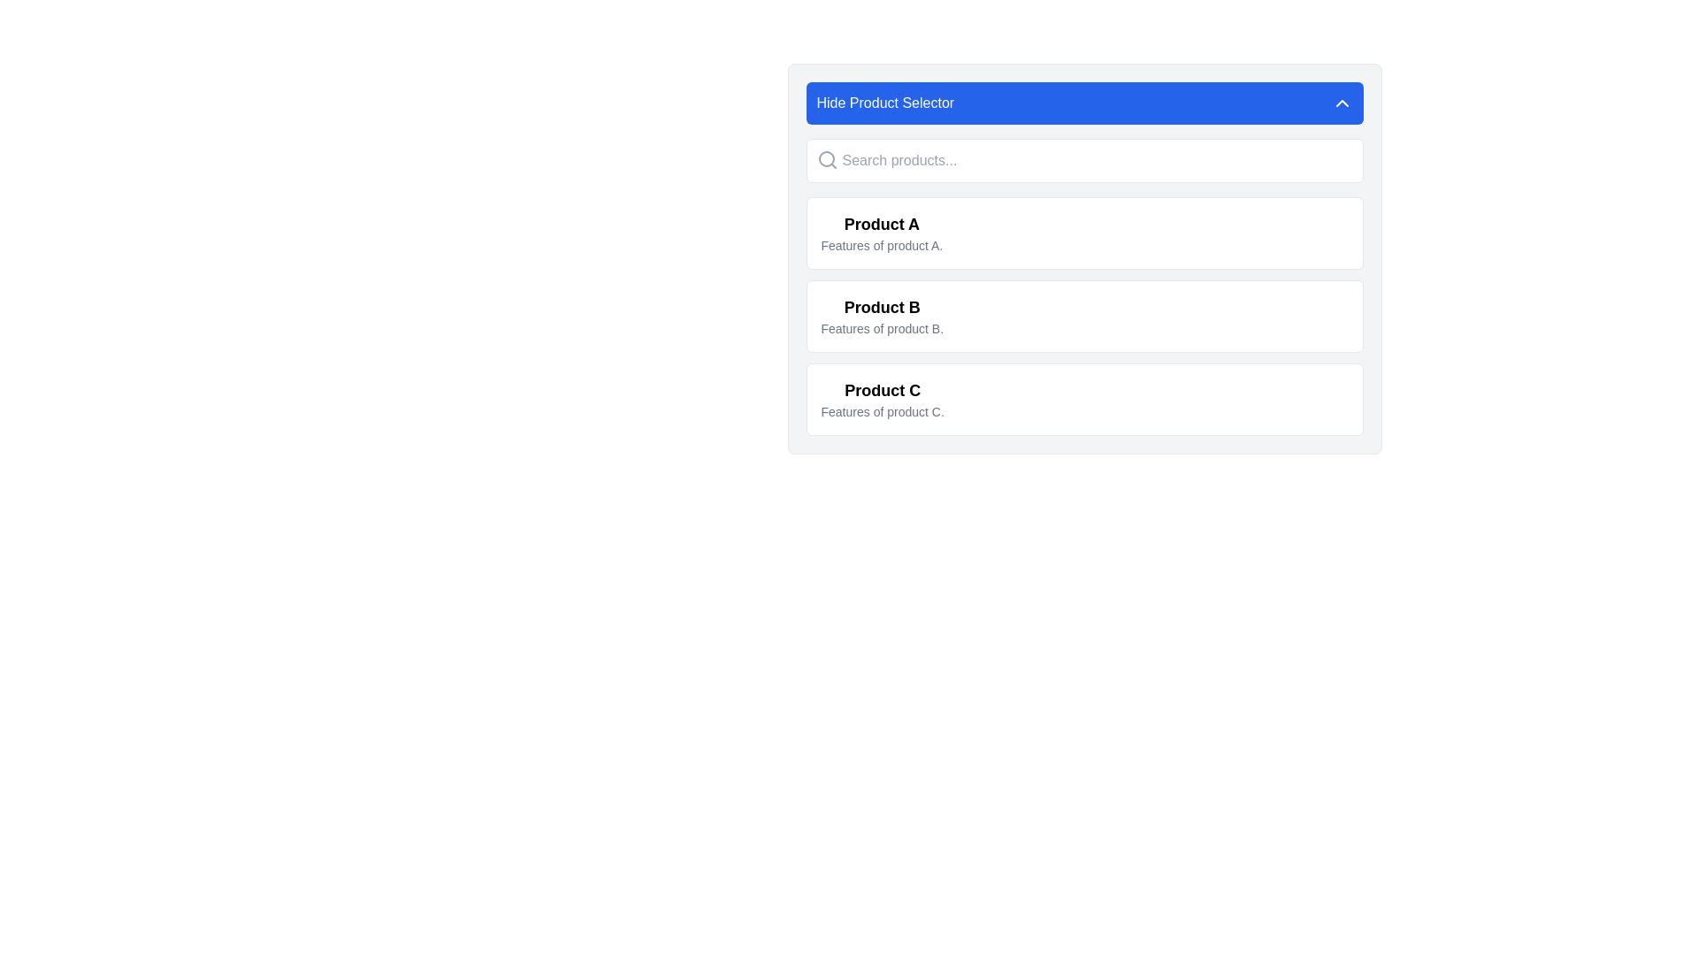 Image resolution: width=1698 pixels, height=955 pixels. What do you see at coordinates (883, 412) in the screenshot?
I see `the Text Display Element that displays the phrase 'Features of product C.' located below the title 'Product C.'` at bounding box center [883, 412].